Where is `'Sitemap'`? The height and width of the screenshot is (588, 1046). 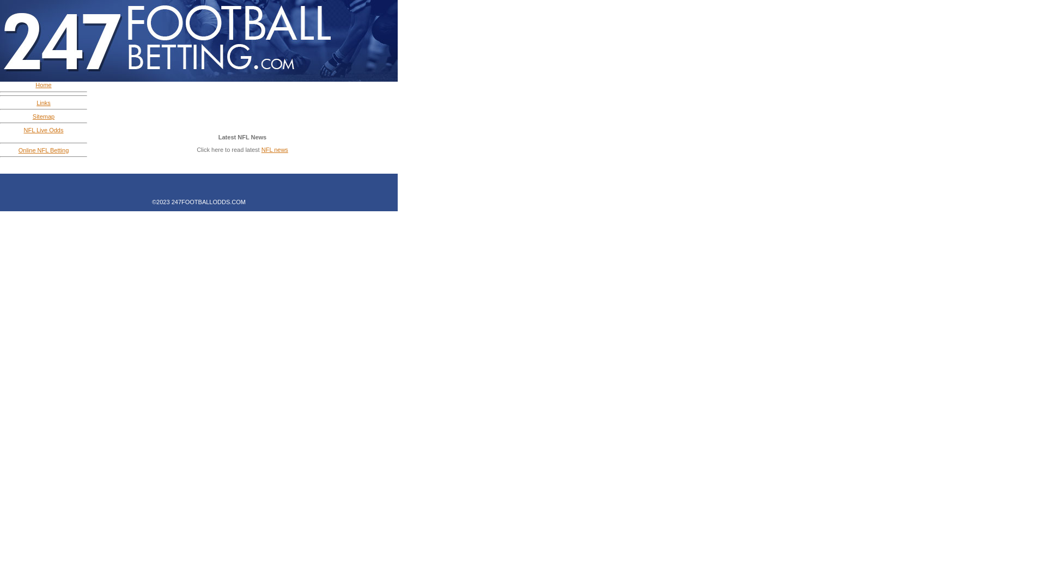 'Sitemap' is located at coordinates (44, 116).